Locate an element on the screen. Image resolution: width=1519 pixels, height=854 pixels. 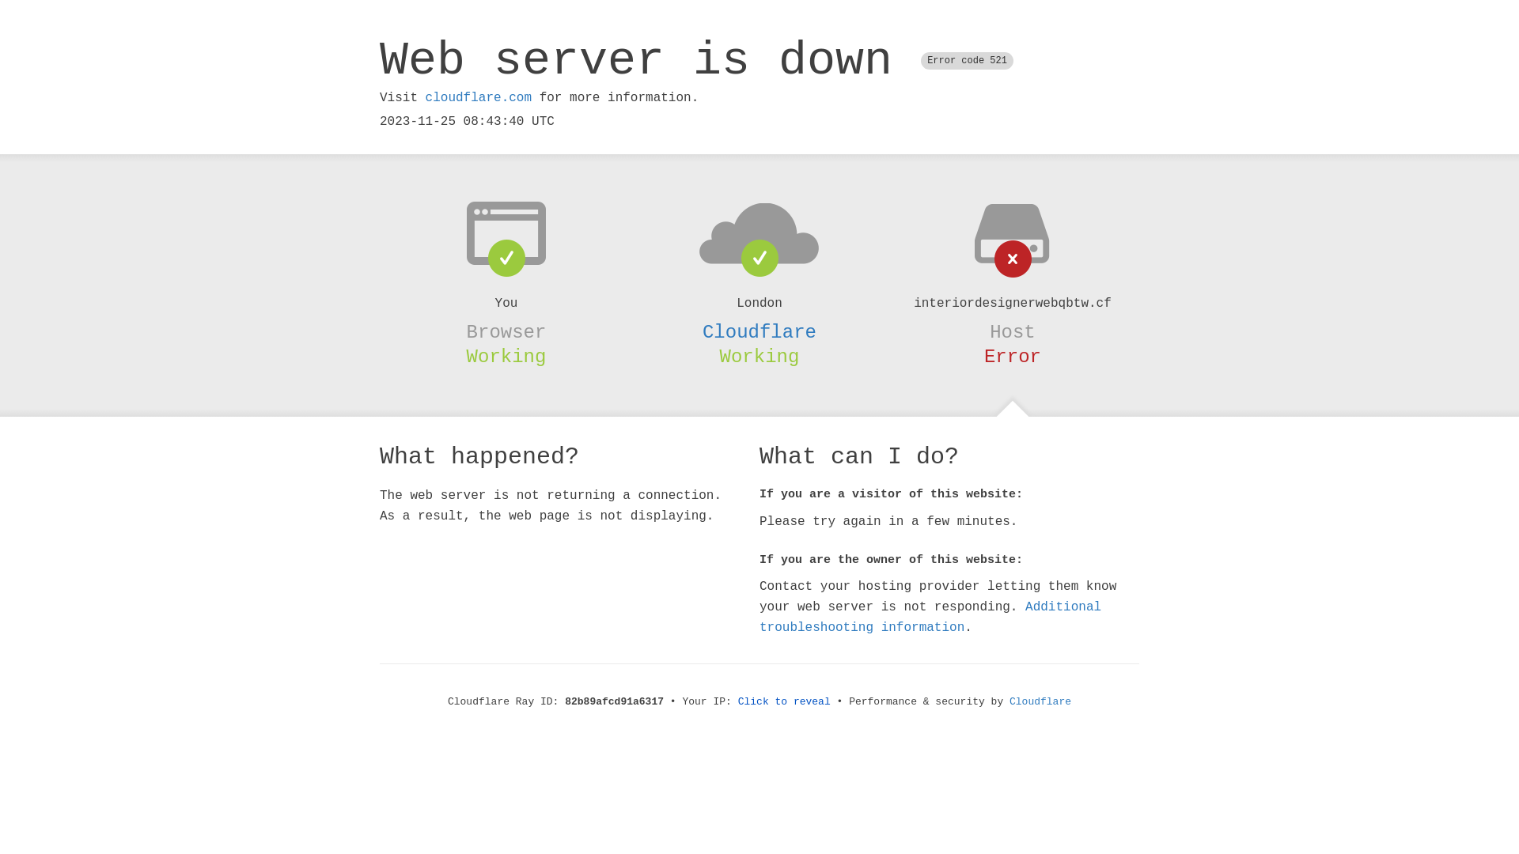
'cloudflare.com' is located at coordinates (477, 97).